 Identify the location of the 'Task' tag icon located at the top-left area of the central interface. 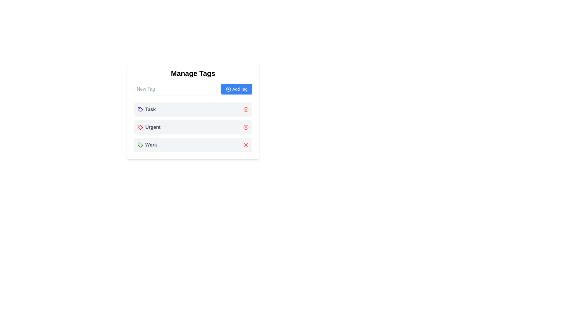
(140, 109).